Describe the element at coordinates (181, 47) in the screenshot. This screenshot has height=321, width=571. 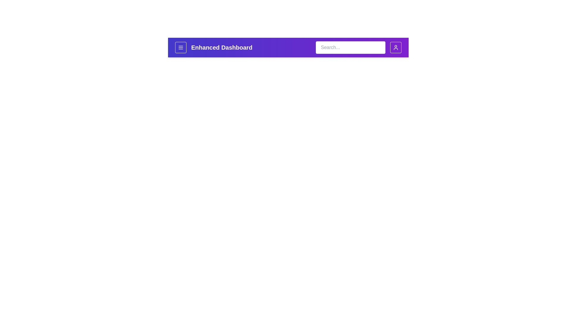
I see `the menu button to interact with it` at that location.